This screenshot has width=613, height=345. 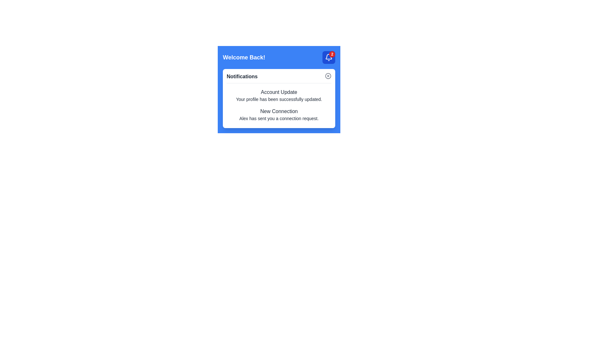 What do you see at coordinates (332, 54) in the screenshot?
I see `the small circular badge with a red background and the number '2'` at bounding box center [332, 54].